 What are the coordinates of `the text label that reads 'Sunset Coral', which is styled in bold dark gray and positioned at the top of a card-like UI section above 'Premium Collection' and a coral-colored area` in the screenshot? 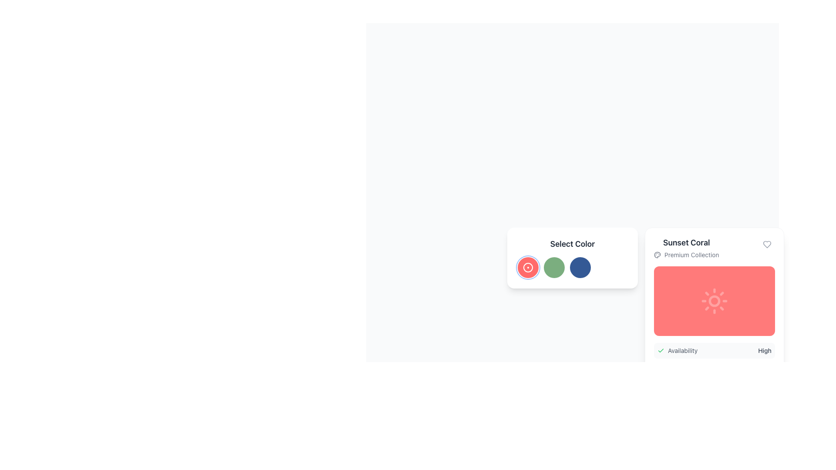 It's located at (686, 243).